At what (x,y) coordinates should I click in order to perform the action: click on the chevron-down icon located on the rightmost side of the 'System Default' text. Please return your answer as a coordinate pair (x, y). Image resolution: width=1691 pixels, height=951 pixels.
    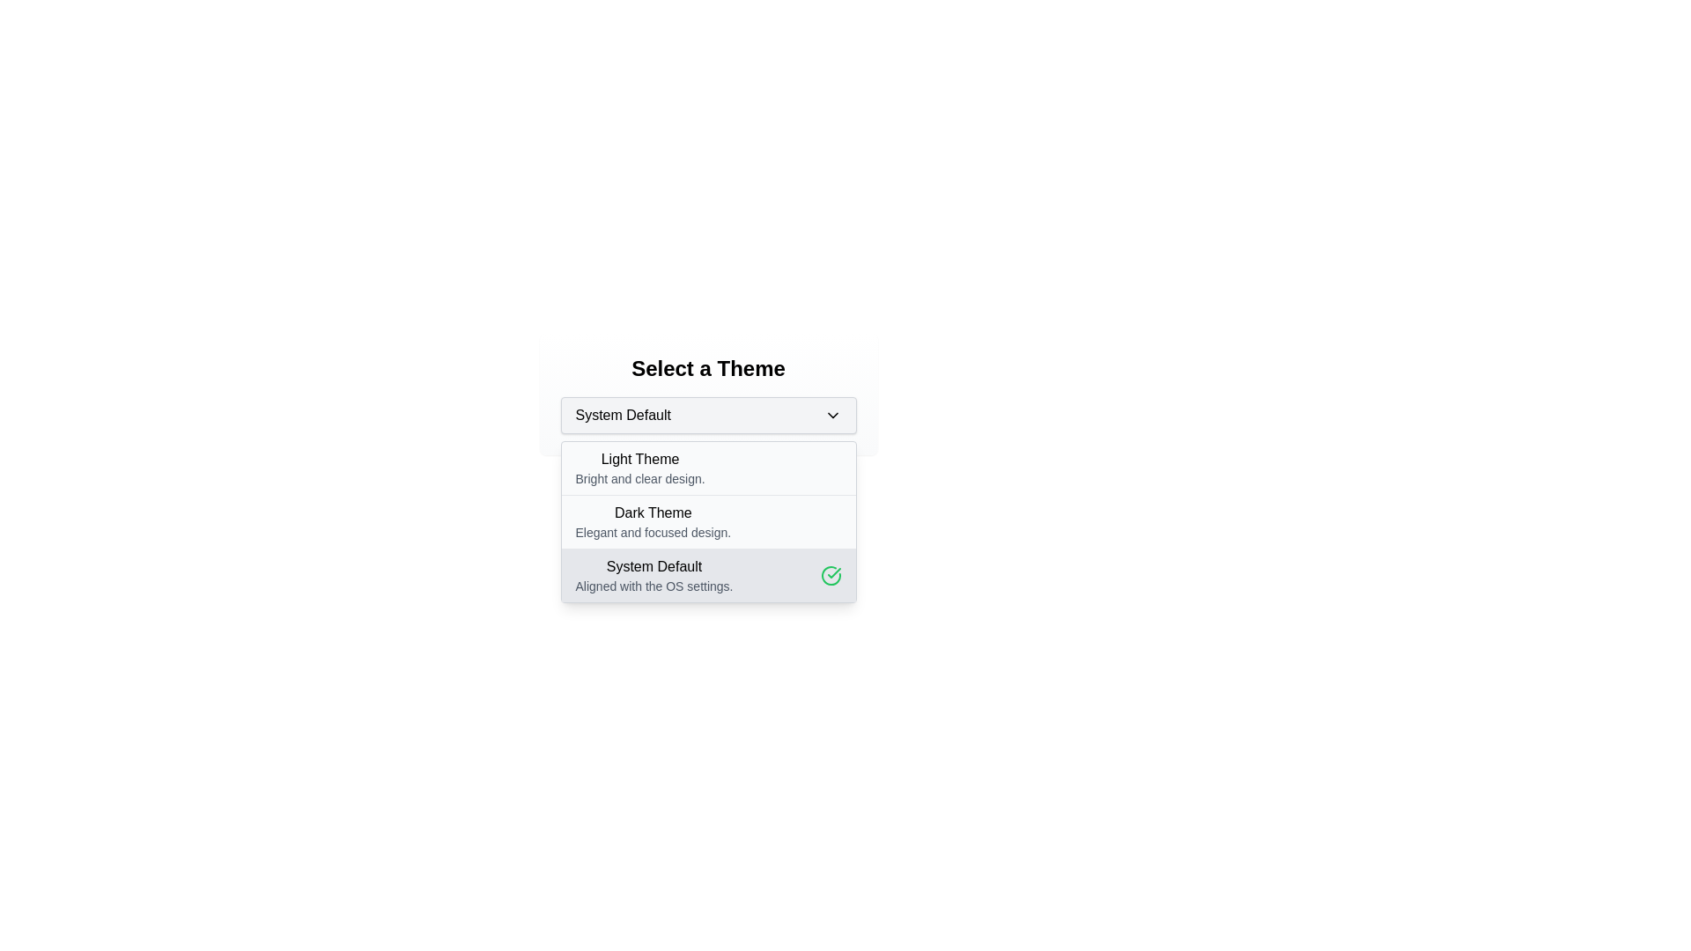
    Looking at the image, I should click on (831, 415).